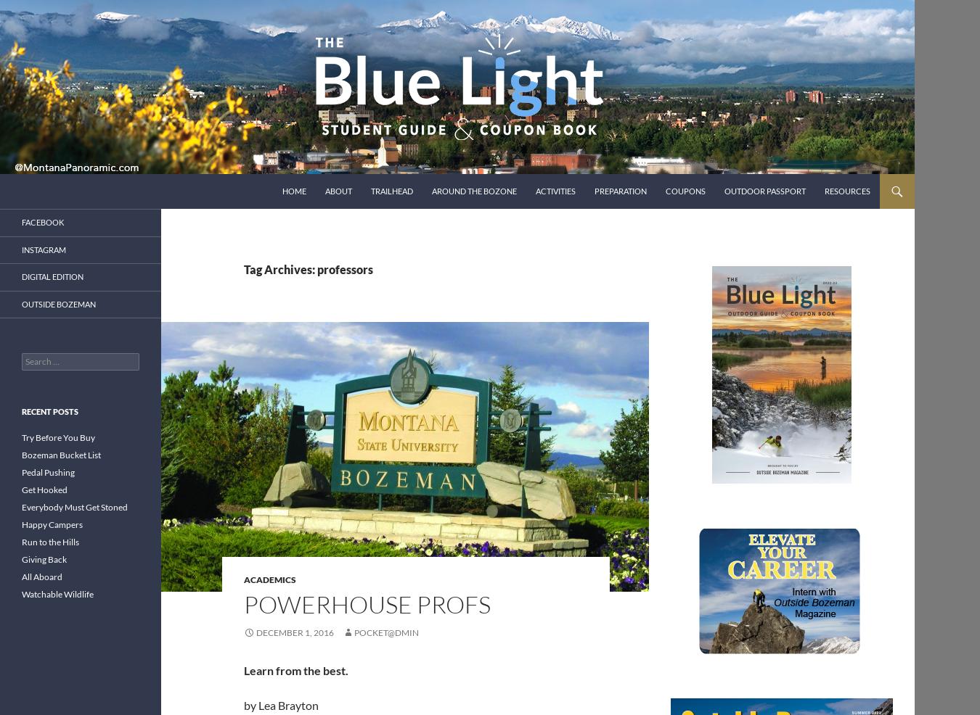 This screenshot has height=715, width=980. Describe the element at coordinates (41, 222) in the screenshot. I see `'Facebook'` at that location.